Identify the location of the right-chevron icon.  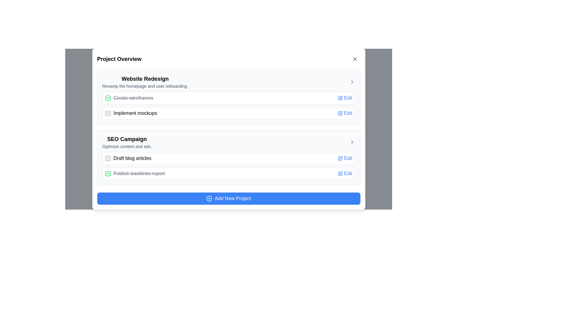
(352, 82).